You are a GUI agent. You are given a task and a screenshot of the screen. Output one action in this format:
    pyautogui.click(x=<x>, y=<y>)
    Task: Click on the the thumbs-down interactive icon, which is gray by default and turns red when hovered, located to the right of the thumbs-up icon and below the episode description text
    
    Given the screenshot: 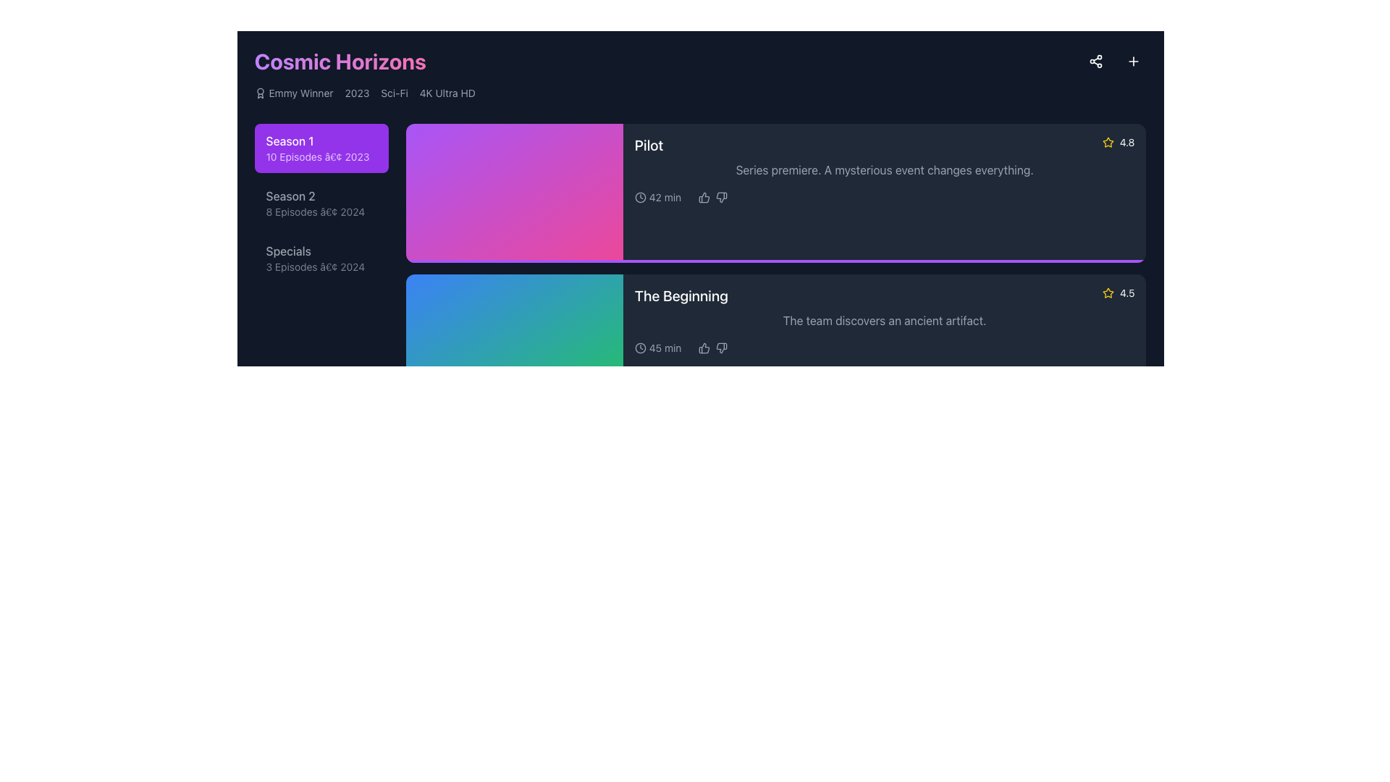 What is the action you would take?
    pyautogui.click(x=722, y=198)
    